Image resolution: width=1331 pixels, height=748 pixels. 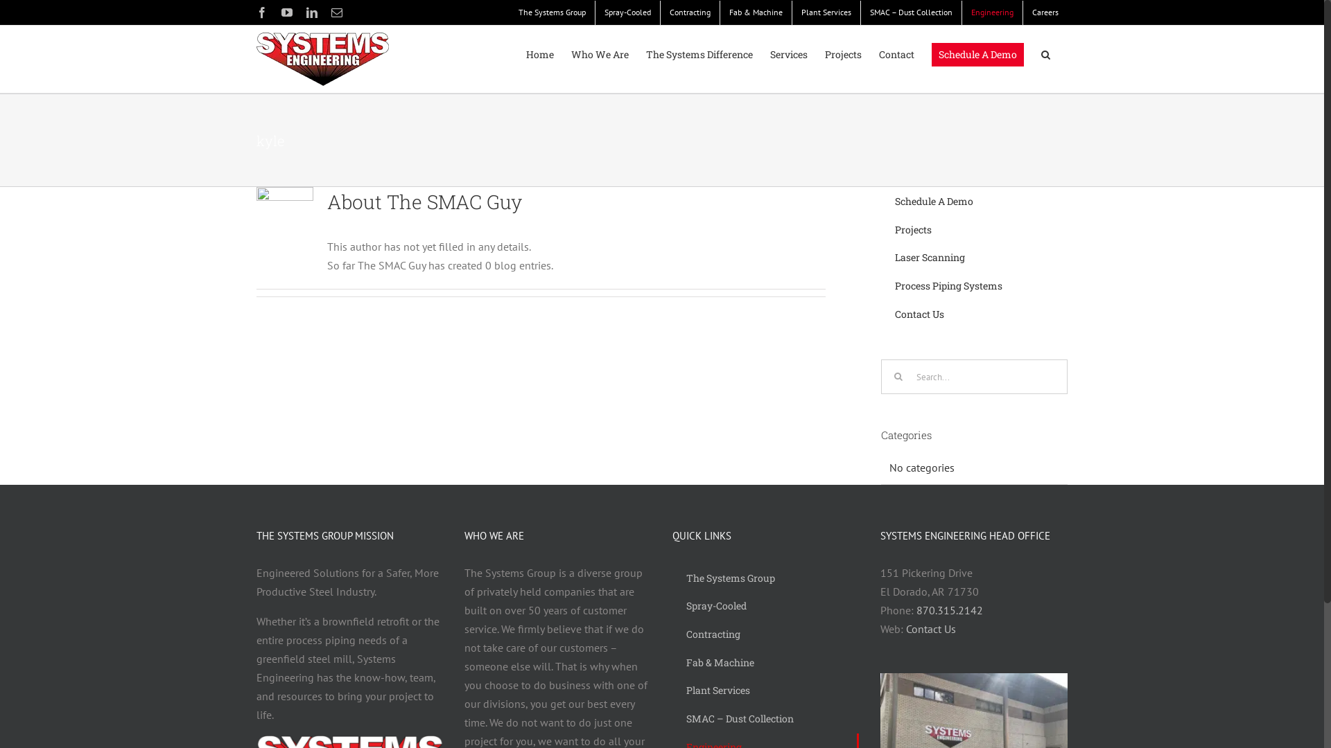 What do you see at coordinates (336, 12) in the screenshot?
I see `'Email'` at bounding box center [336, 12].